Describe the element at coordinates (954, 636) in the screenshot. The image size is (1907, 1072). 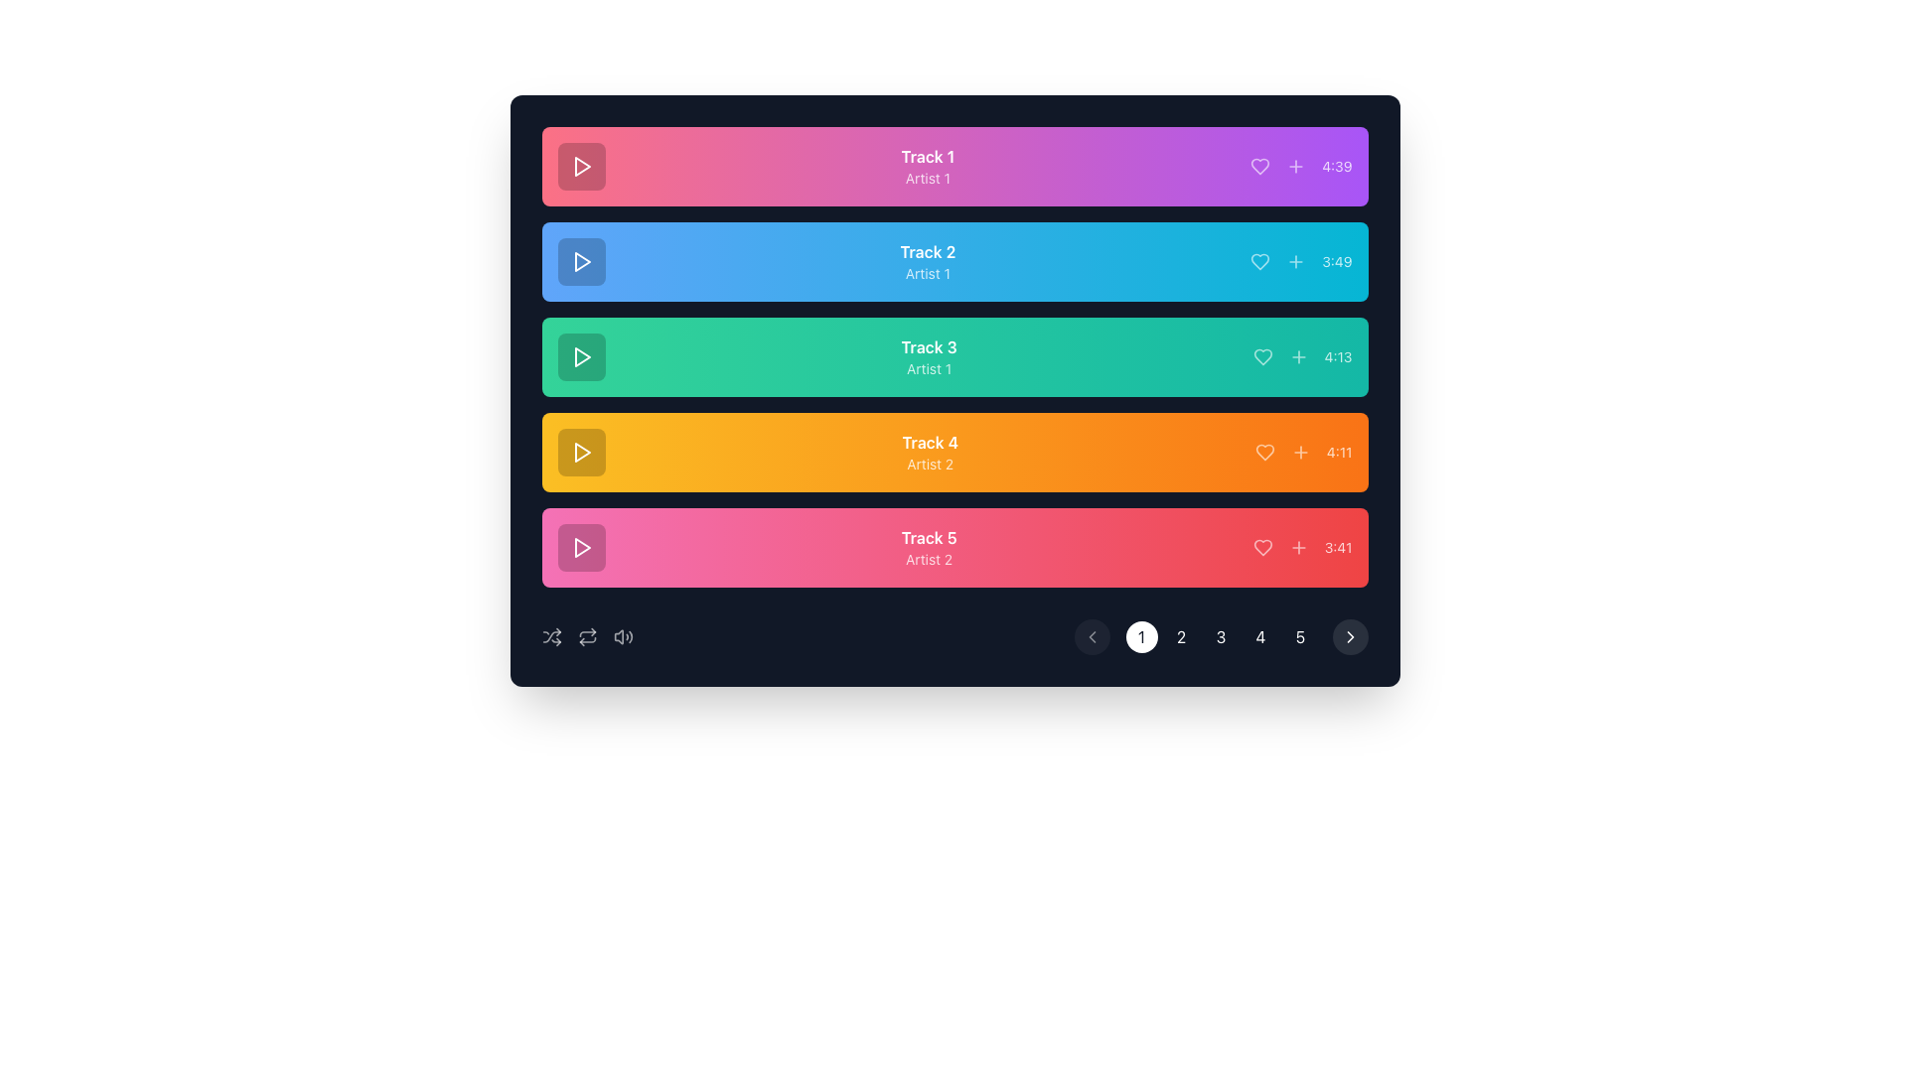
I see `the pagination control at the bottom of the music track list, which includes navigational arrows and page numbers for visual feedback` at that location.